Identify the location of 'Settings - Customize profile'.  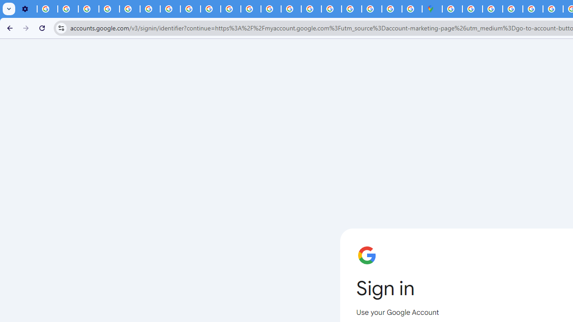
(27, 9).